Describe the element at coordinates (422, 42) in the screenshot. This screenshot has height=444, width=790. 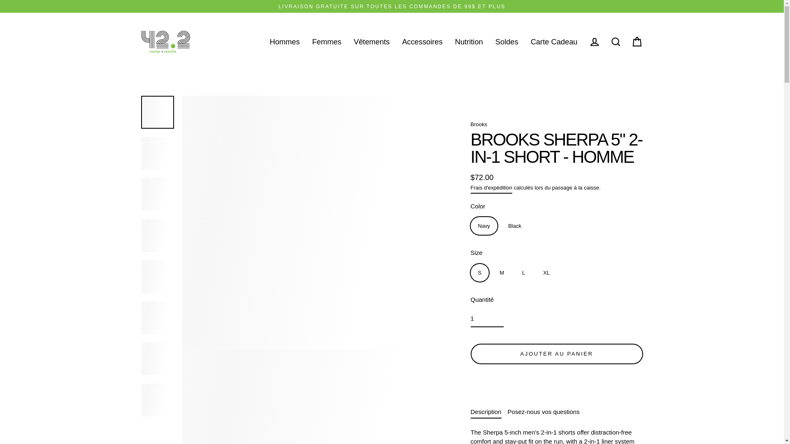
I see `'Accessoires'` at that location.